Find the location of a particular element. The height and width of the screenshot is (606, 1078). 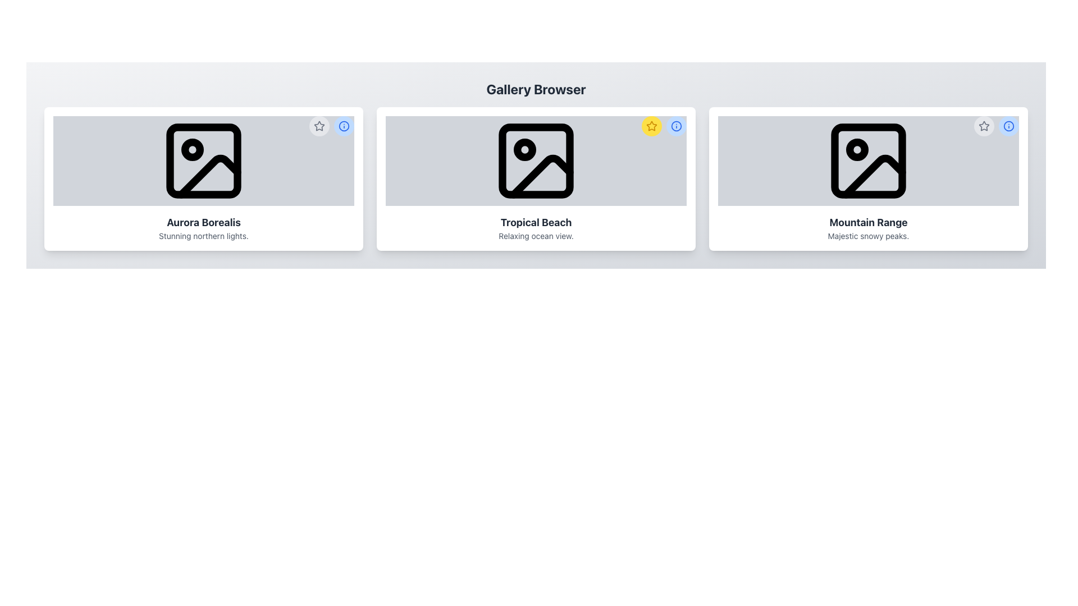

the informational indicator icon located at the top right corner of the 'Tropical Beach' card, next to the yellow star icon is located at coordinates (675, 126).